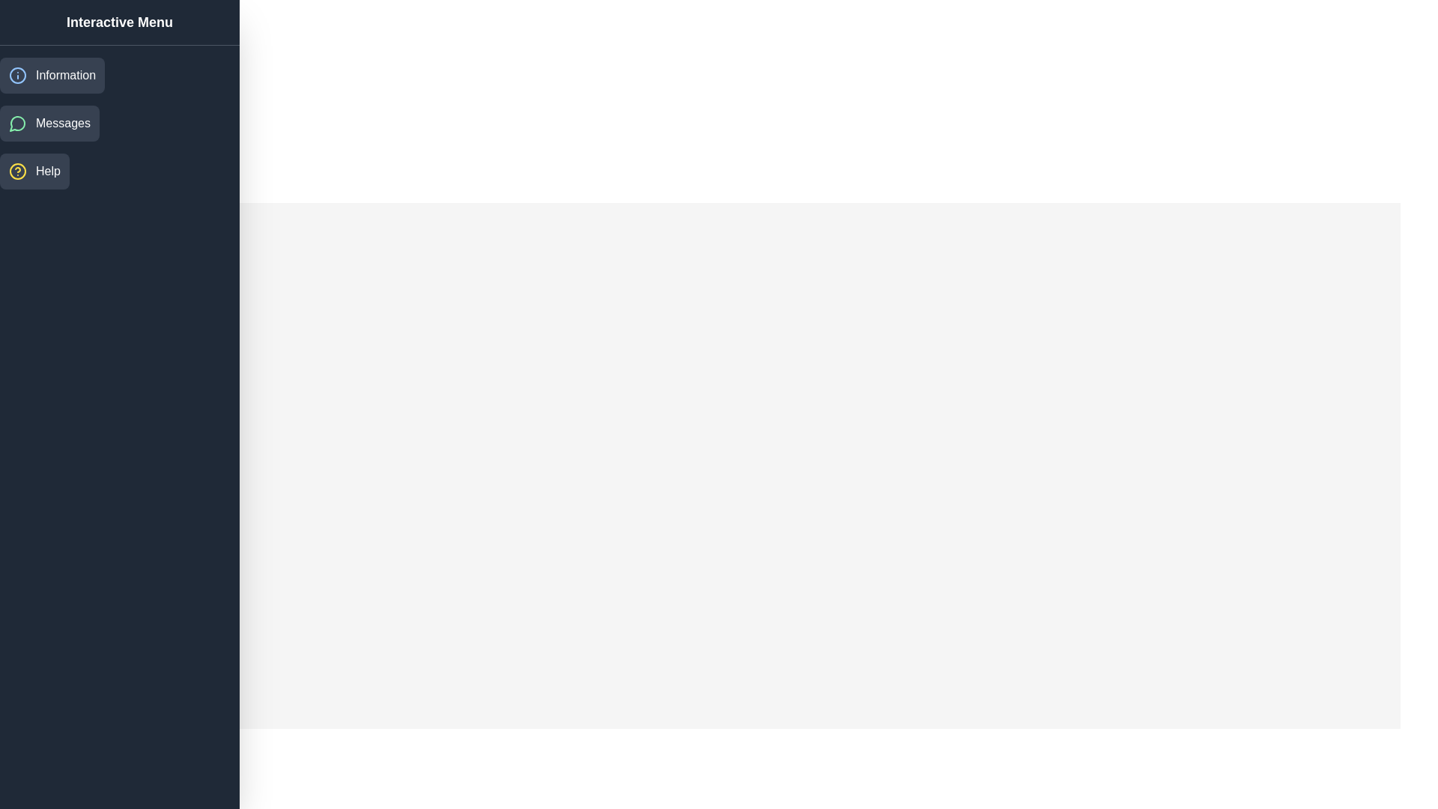 Image resolution: width=1438 pixels, height=809 pixels. What do you see at coordinates (18, 75) in the screenshot?
I see `the blue circular graphical element located within the 'Information' button in the vertical menu on the left side of the interface` at bounding box center [18, 75].